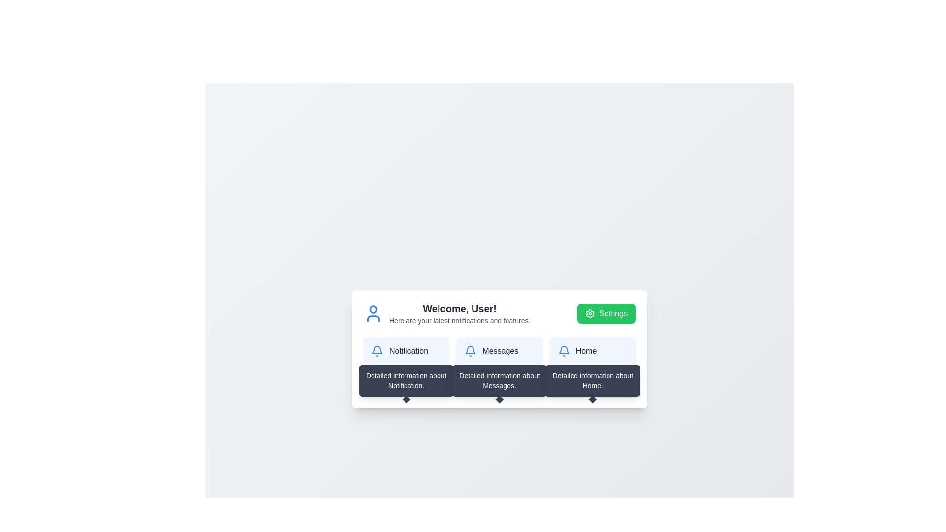  I want to click on the 'Notification' button with a bell-shaped icon, which is the first element in a horizontally aligned group, located at the top of a light blue card, so click(406, 351).